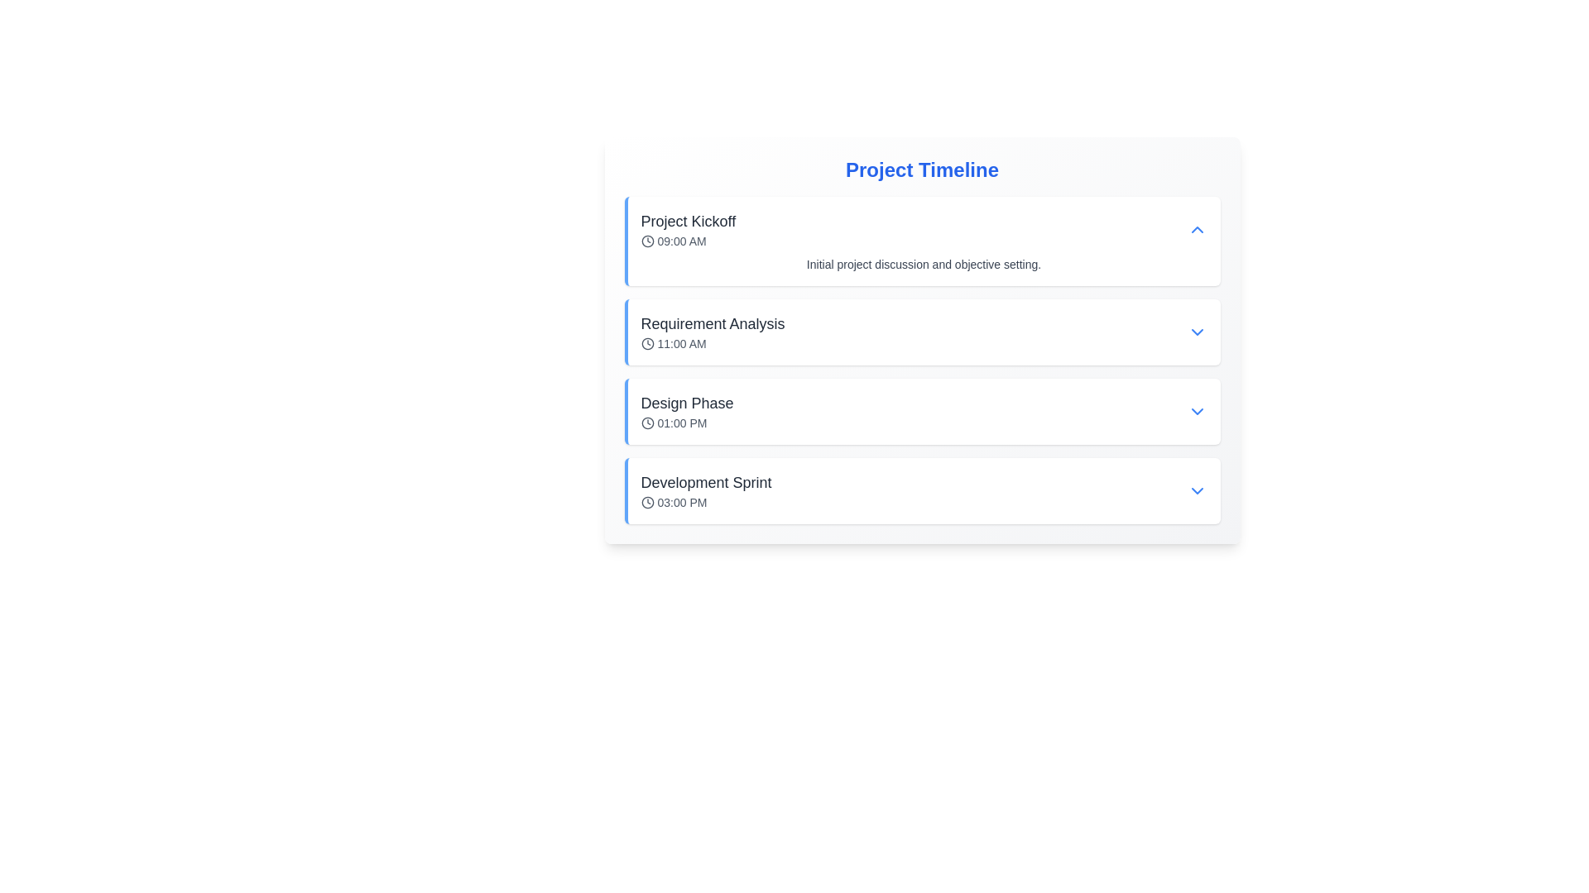  I want to click on the text label that identifies the event or activity in the 'Project Timeline', positioned between 'Project Kickoff' and 'Design Phase' and above the time label '11:00 AM', so click(713, 324).